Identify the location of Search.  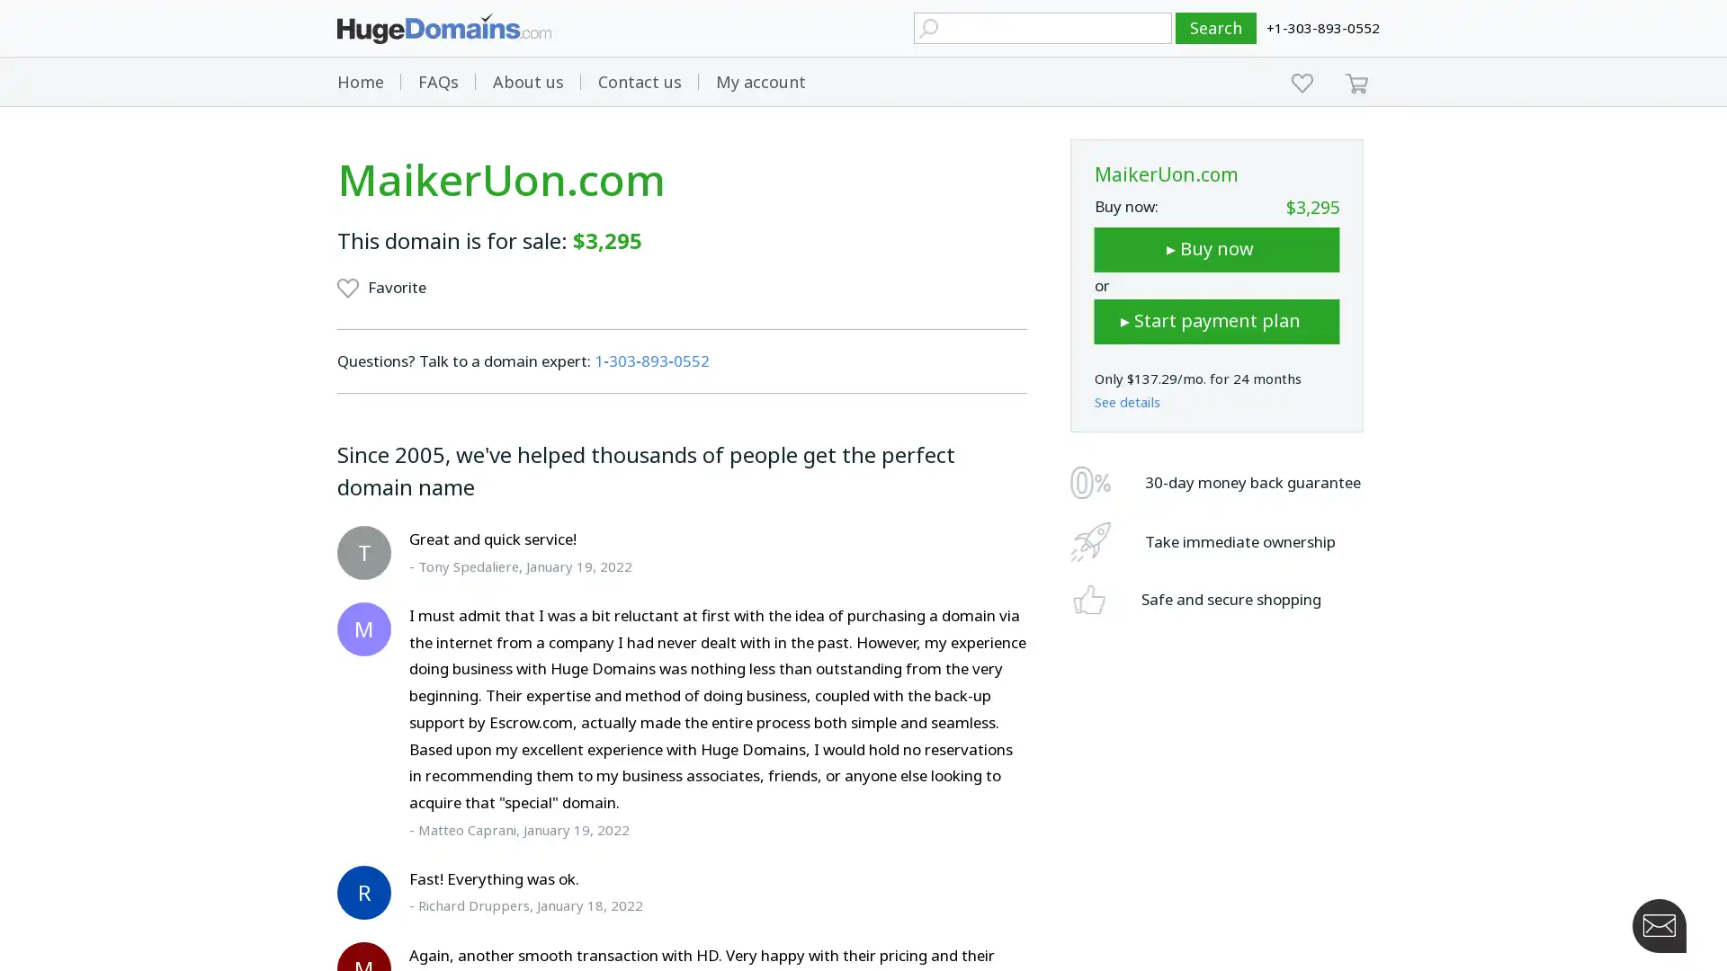
(1216, 28).